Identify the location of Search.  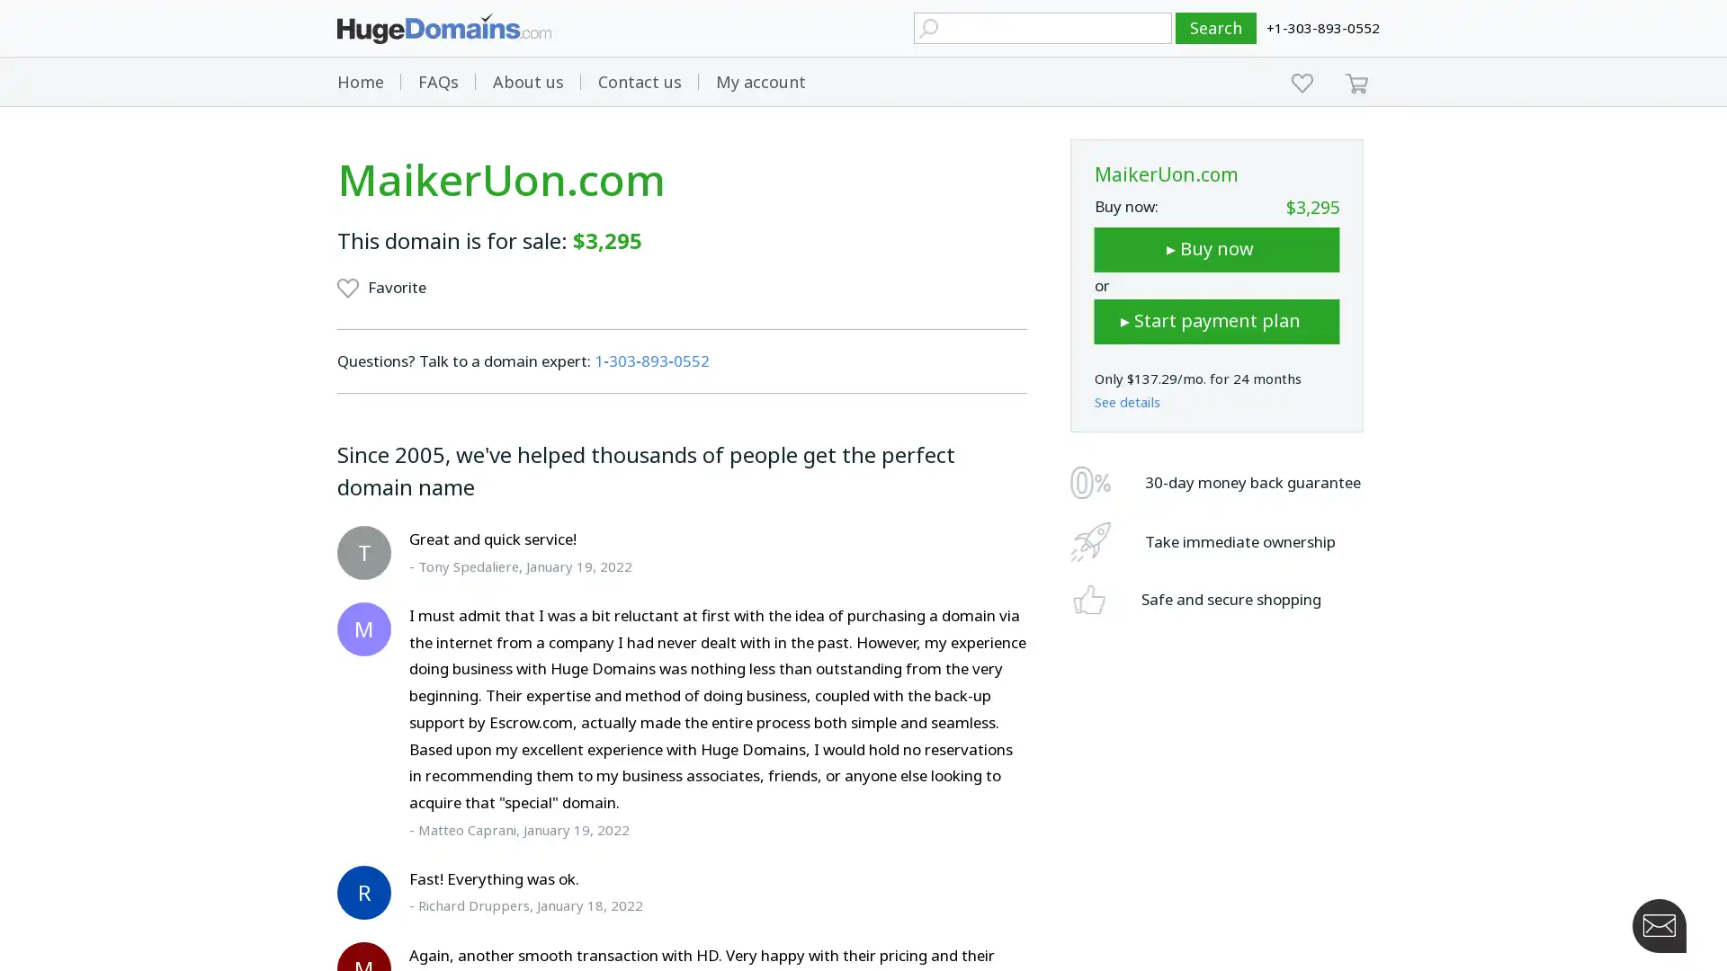
(1216, 28).